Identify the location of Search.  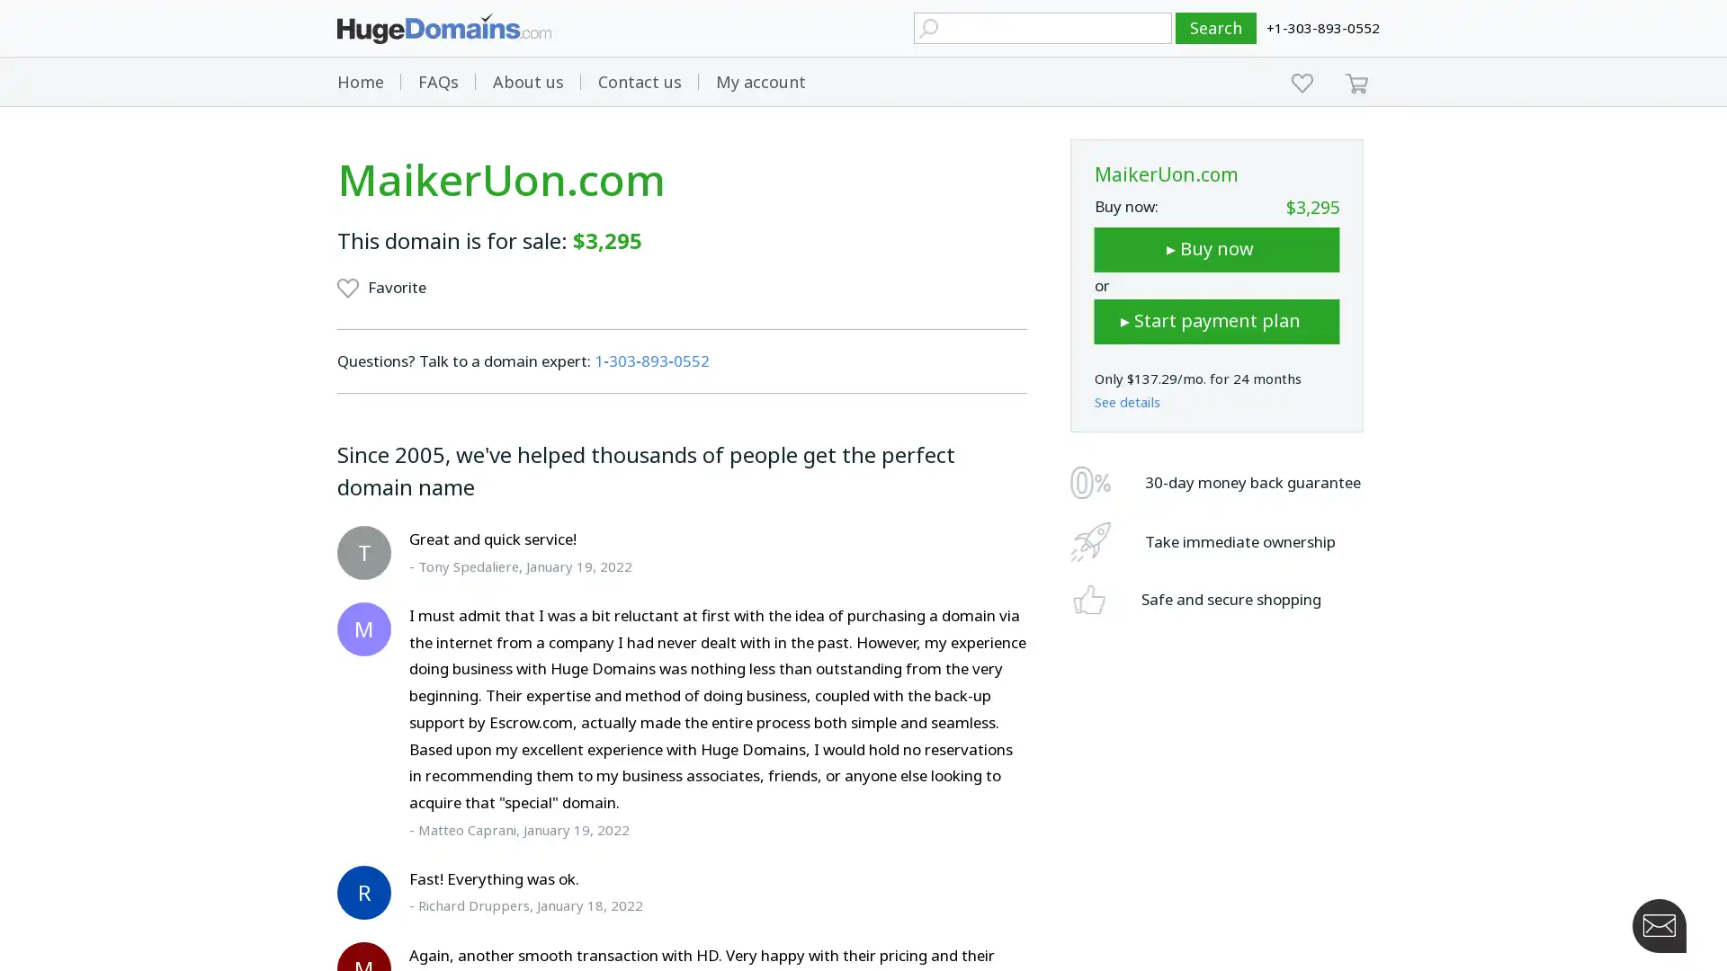
(1216, 28).